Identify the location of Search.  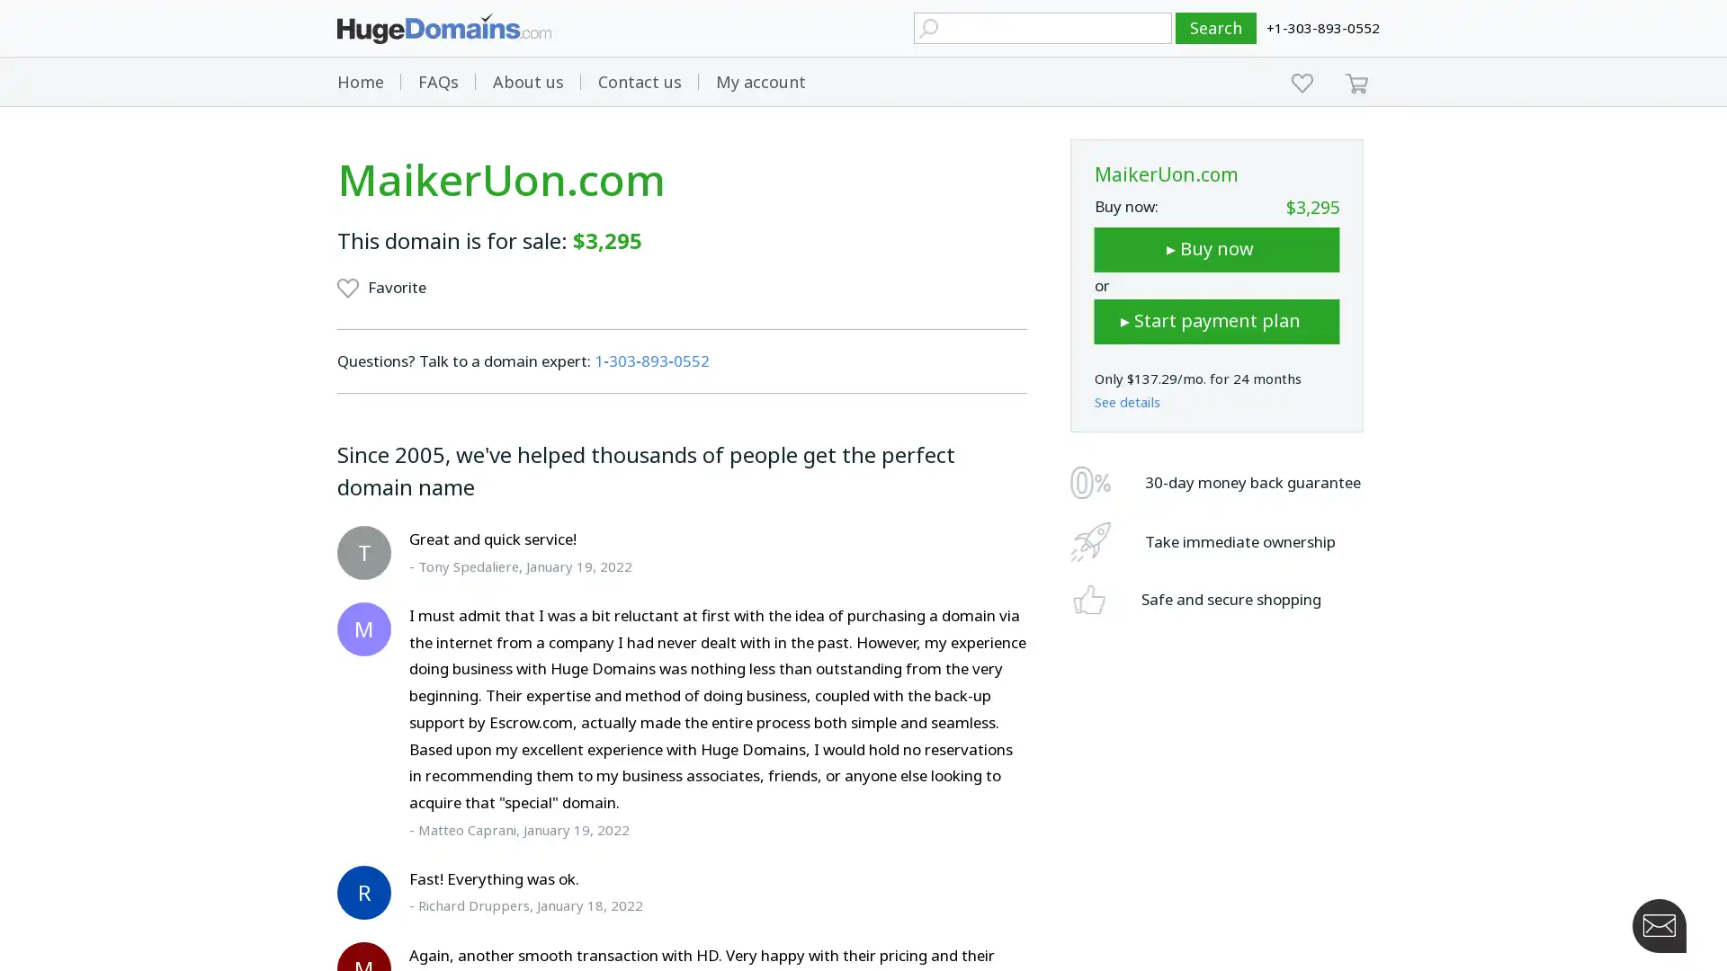
(1216, 28).